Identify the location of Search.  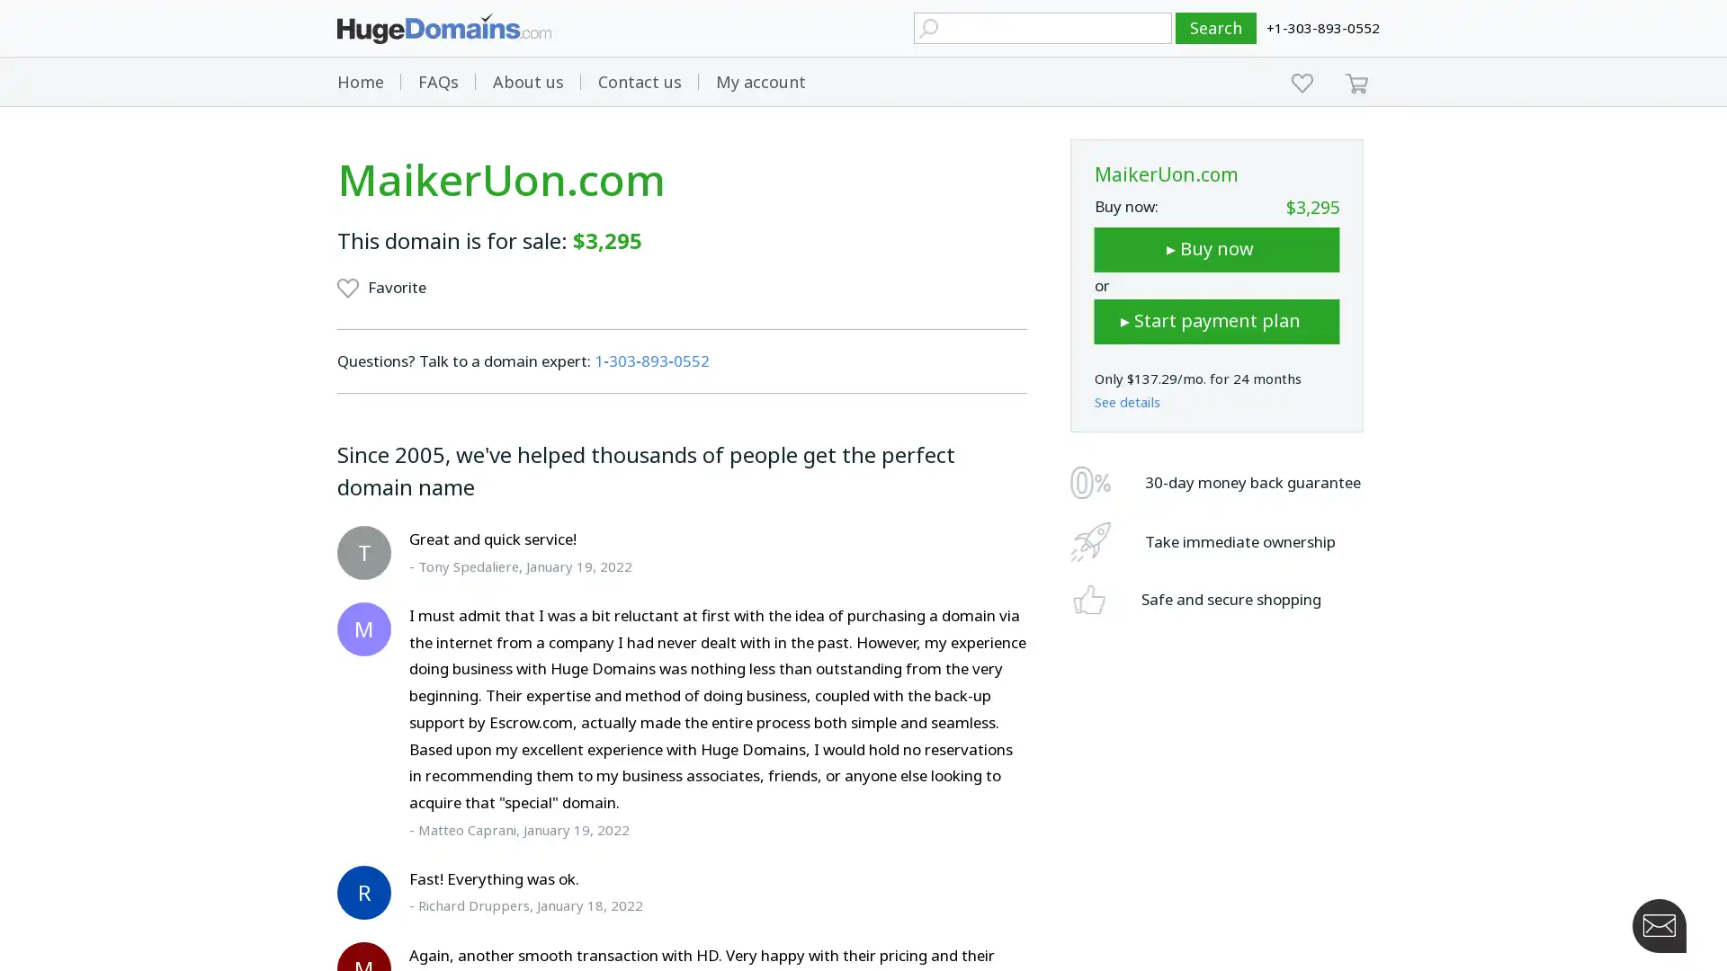
(1216, 28).